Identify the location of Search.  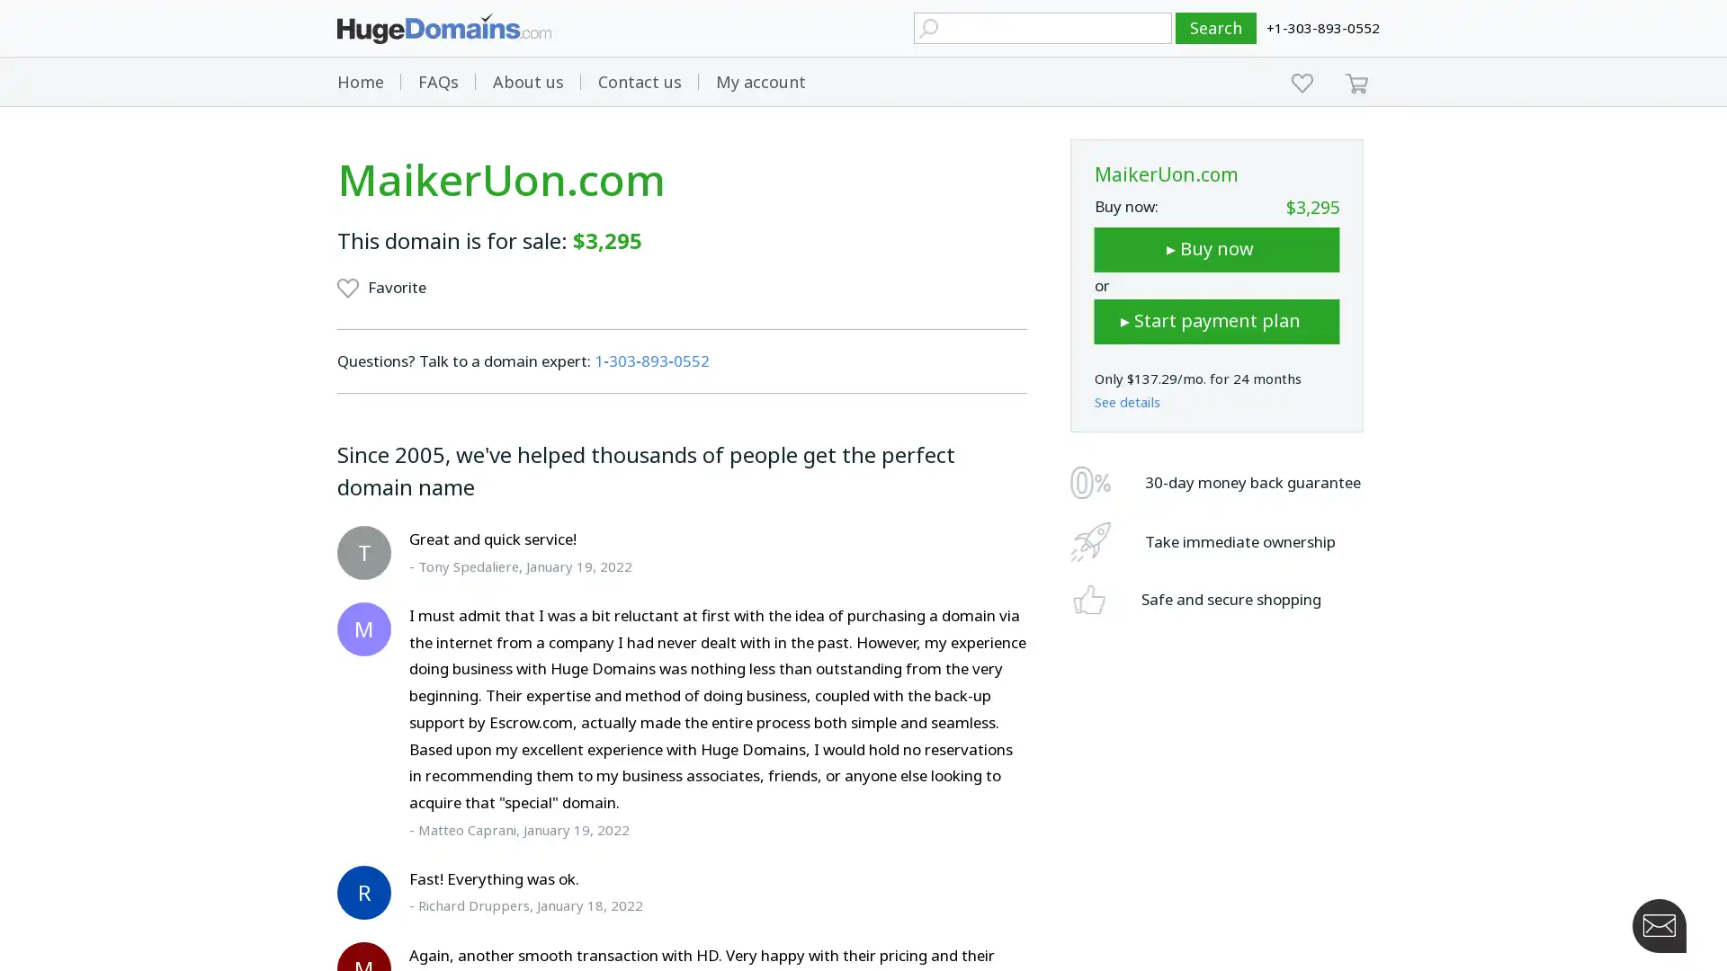
(1216, 28).